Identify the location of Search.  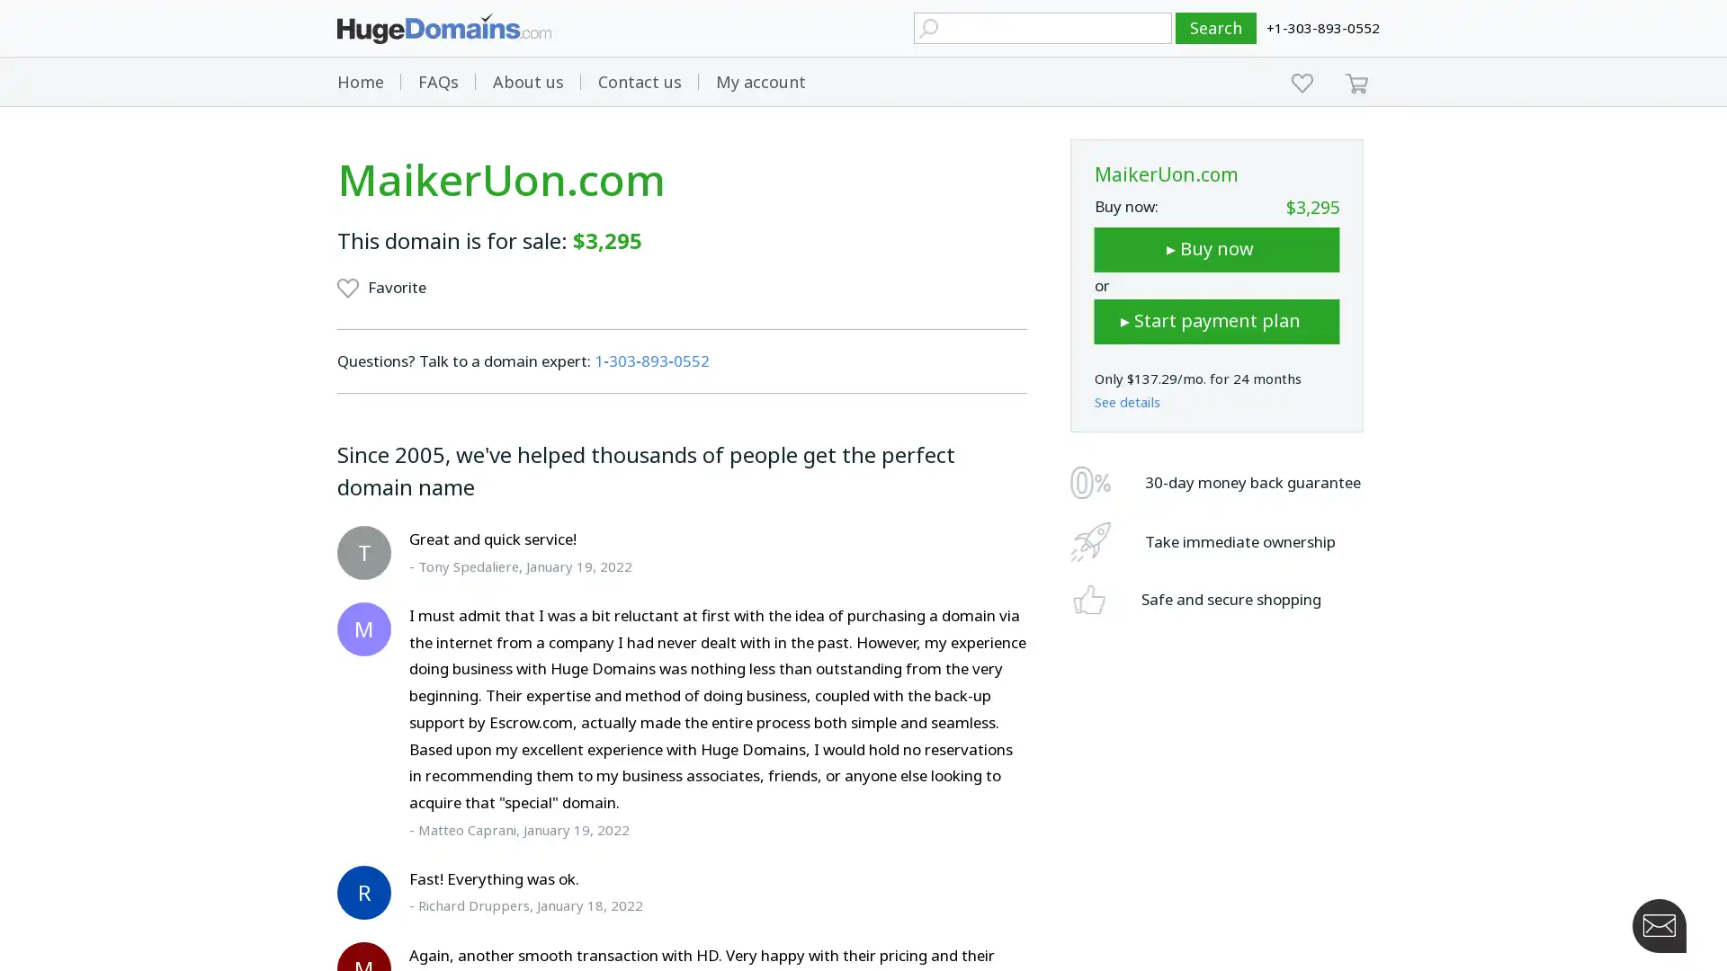
(1216, 28).